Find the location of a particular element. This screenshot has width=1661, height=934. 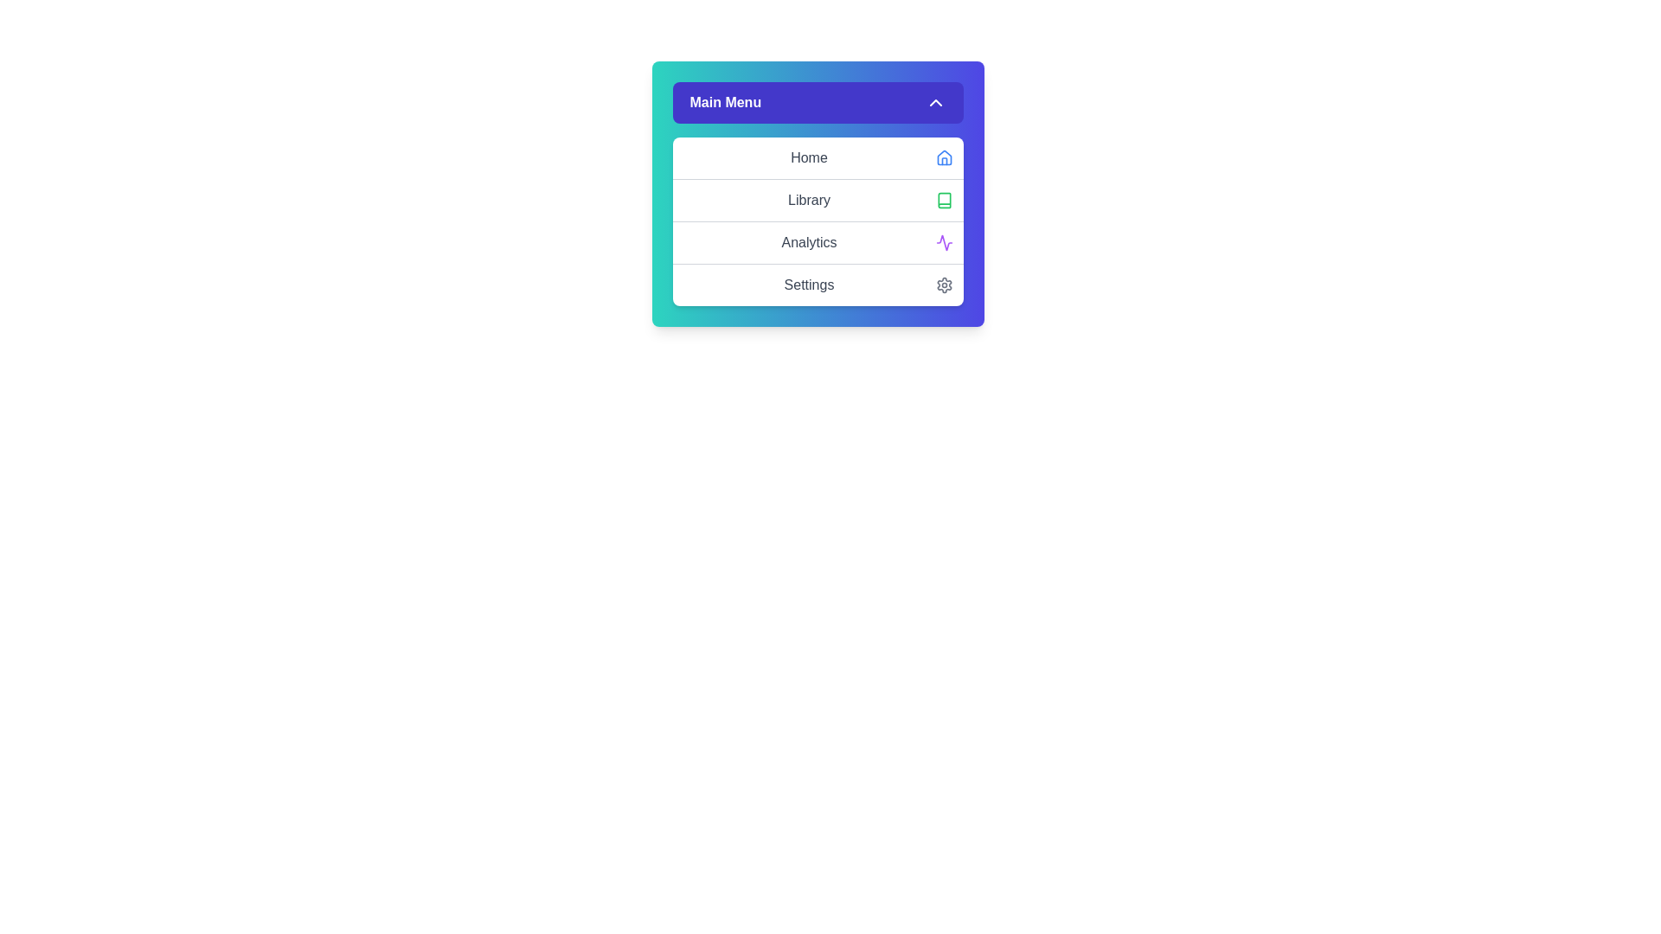

the icon associated with the Settings menu item is located at coordinates (943, 285).